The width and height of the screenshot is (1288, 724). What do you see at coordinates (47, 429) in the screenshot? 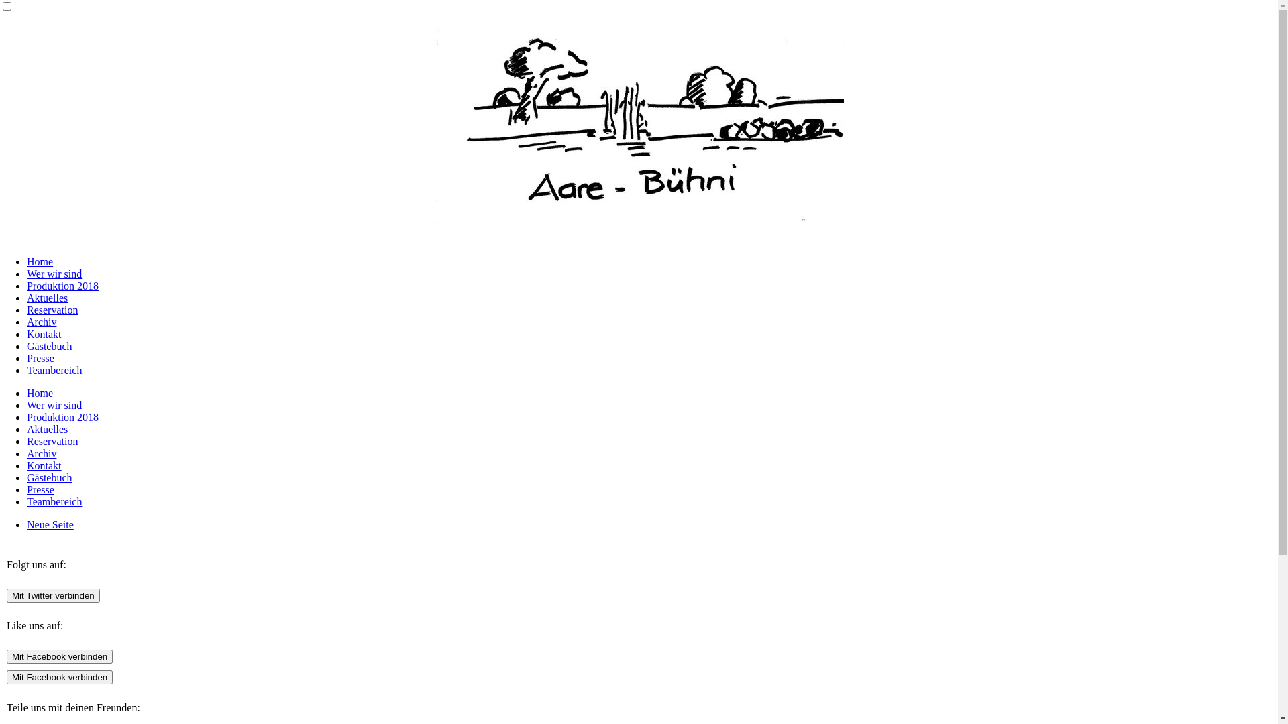
I see `'Aktuelles'` at bounding box center [47, 429].